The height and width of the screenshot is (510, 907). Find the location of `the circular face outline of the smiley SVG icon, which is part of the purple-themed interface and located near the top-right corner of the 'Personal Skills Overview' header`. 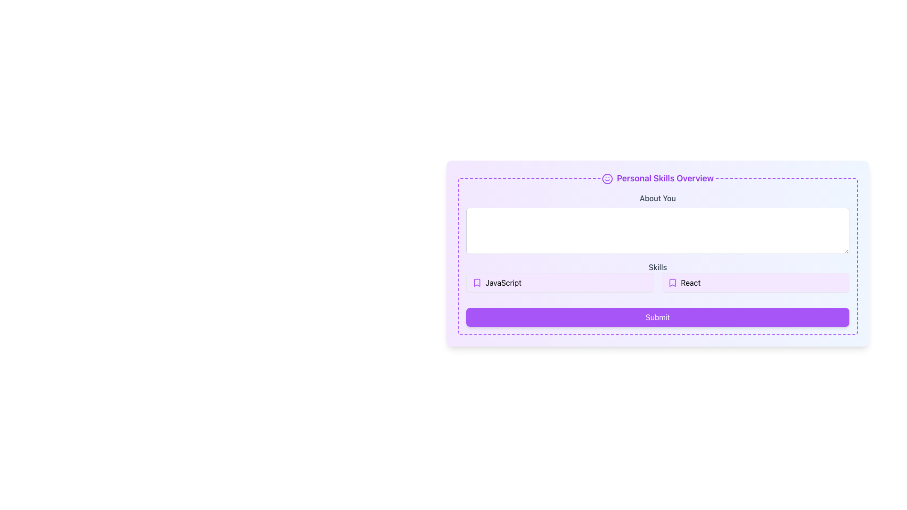

the circular face outline of the smiley SVG icon, which is part of the purple-themed interface and located near the top-right corner of the 'Personal Skills Overview' header is located at coordinates (608, 179).